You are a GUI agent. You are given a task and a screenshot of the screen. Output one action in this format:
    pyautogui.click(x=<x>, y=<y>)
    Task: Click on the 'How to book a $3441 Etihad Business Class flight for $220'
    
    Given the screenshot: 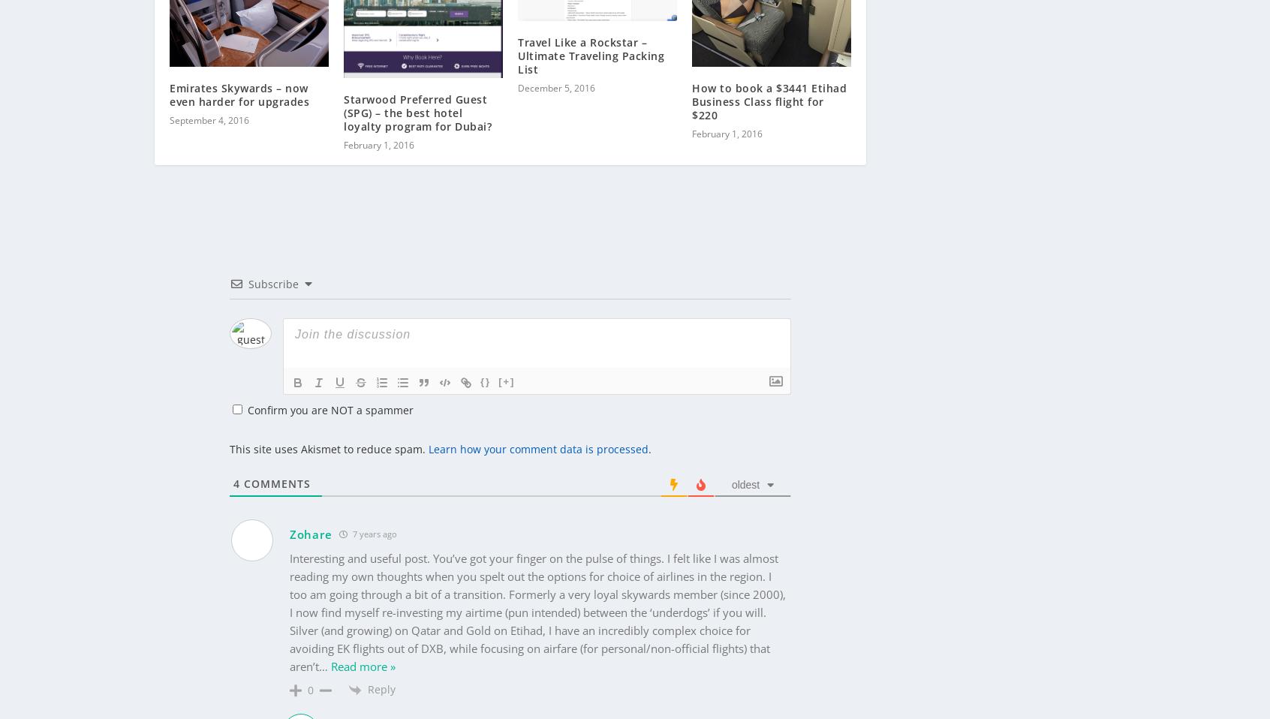 What is the action you would take?
    pyautogui.click(x=769, y=77)
    